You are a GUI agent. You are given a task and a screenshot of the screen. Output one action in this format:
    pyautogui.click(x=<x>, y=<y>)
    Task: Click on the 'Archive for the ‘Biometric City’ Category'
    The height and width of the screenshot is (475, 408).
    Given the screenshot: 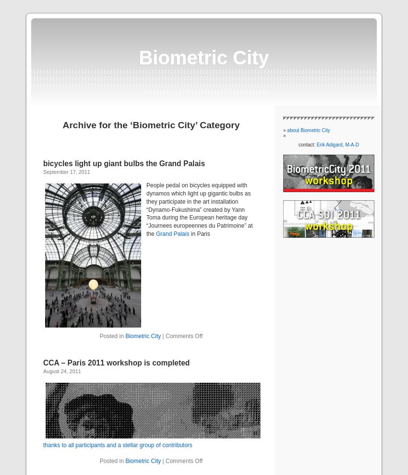 What is the action you would take?
    pyautogui.click(x=151, y=124)
    